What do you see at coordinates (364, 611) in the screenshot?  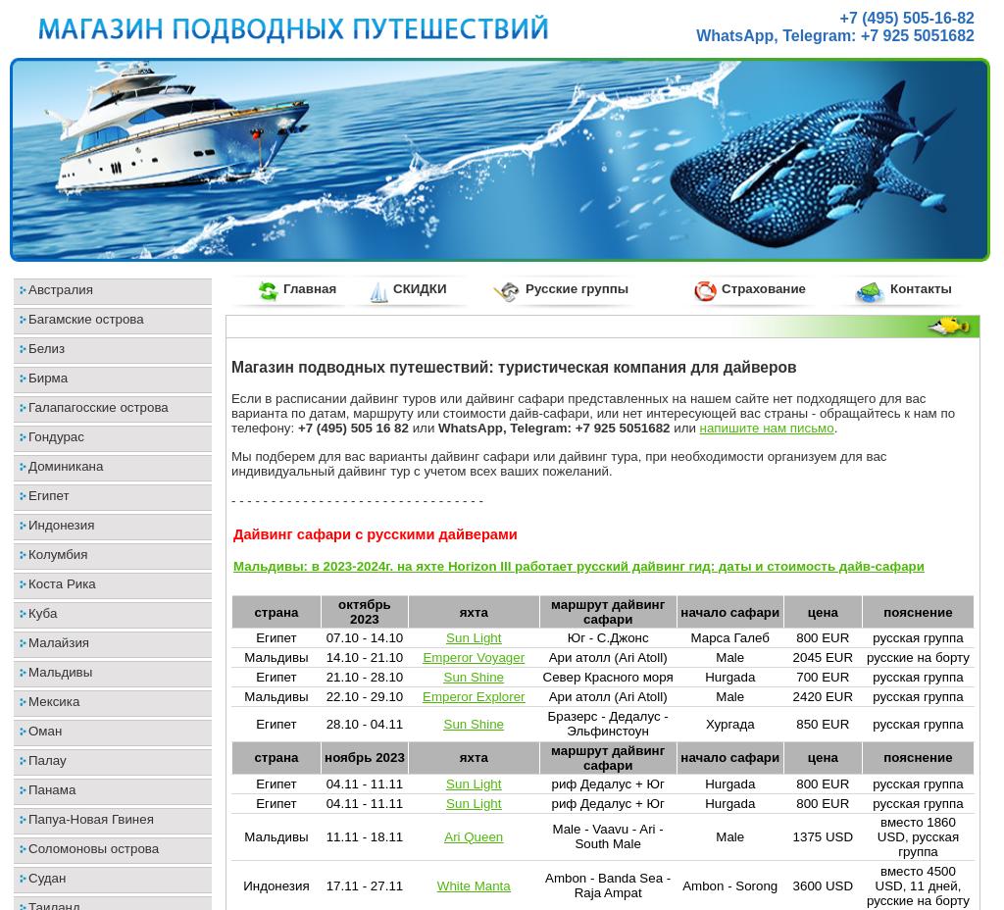 I see `'октябрь 2023'` at bounding box center [364, 611].